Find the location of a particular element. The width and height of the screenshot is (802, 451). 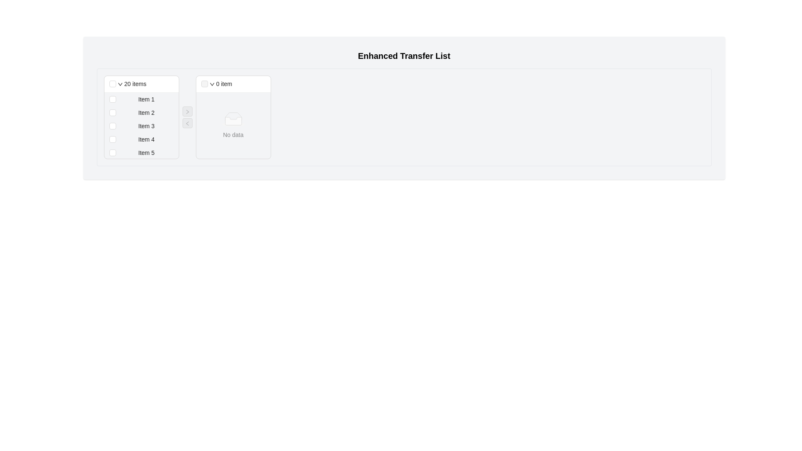

text content of the Text Label located in the fourth position of the vertical list in the left-side panel is located at coordinates (146, 139).